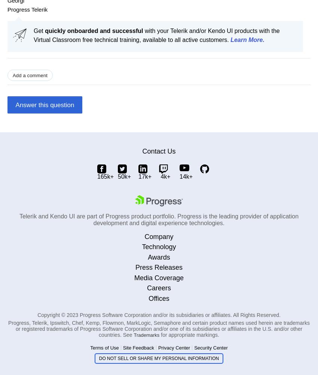  What do you see at coordinates (159, 246) in the screenshot?
I see `'Technology'` at bounding box center [159, 246].